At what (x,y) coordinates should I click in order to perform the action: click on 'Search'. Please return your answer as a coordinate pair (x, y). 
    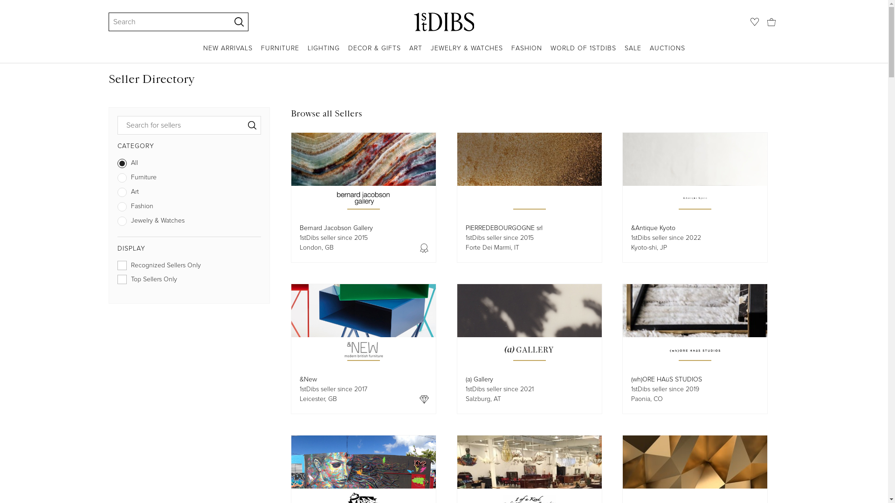
    Looking at the image, I should click on (112, 21).